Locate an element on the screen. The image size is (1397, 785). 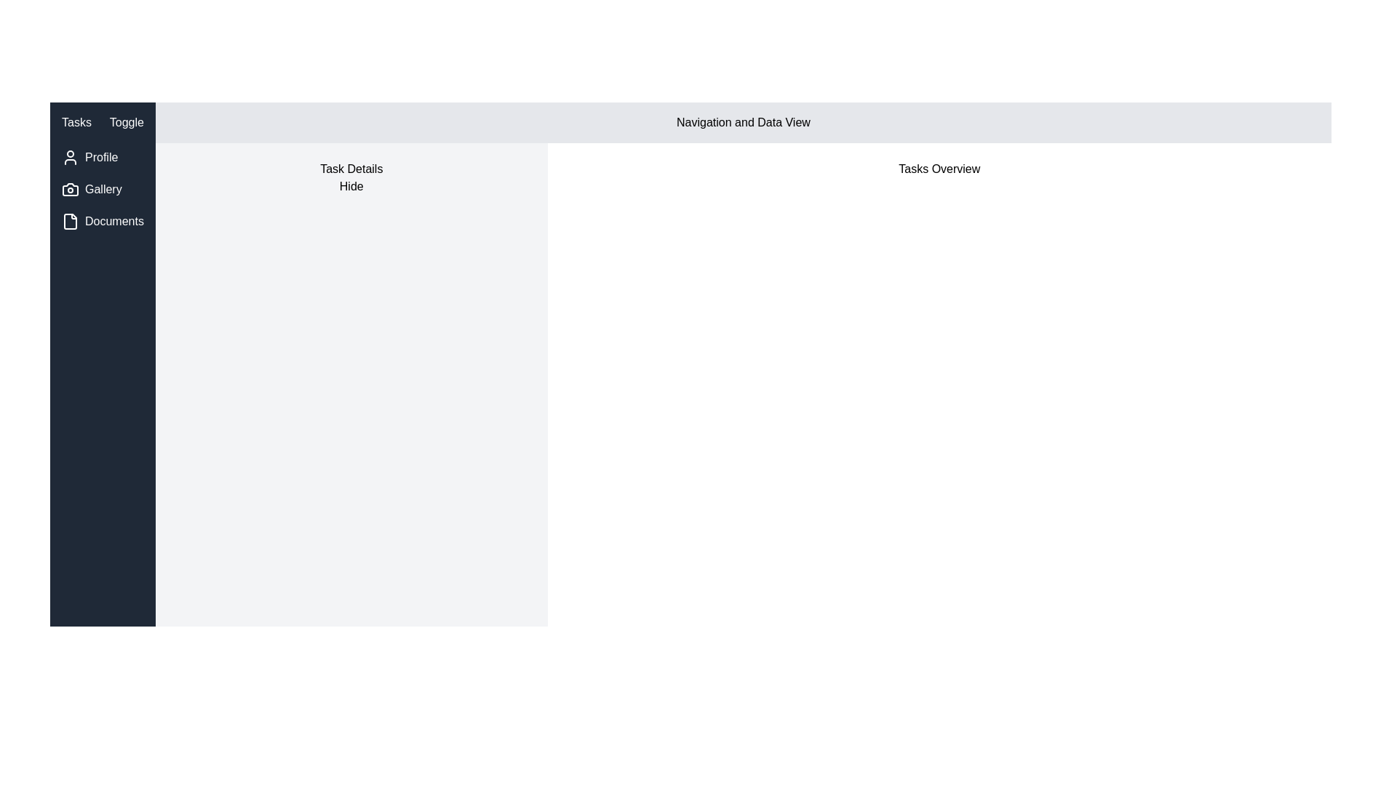
the 'Profile' text label located in the left sidebar menu, which is positioned above the 'Gallery' and 'Documents' labels is located at coordinates (100, 157).